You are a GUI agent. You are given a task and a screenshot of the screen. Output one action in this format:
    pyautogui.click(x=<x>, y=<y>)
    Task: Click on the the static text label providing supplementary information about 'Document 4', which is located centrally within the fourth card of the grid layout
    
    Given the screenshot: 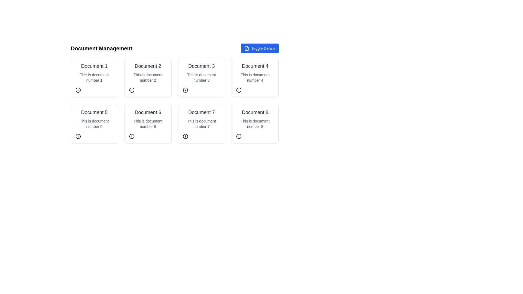 What is the action you would take?
    pyautogui.click(x=255, y=78)
    